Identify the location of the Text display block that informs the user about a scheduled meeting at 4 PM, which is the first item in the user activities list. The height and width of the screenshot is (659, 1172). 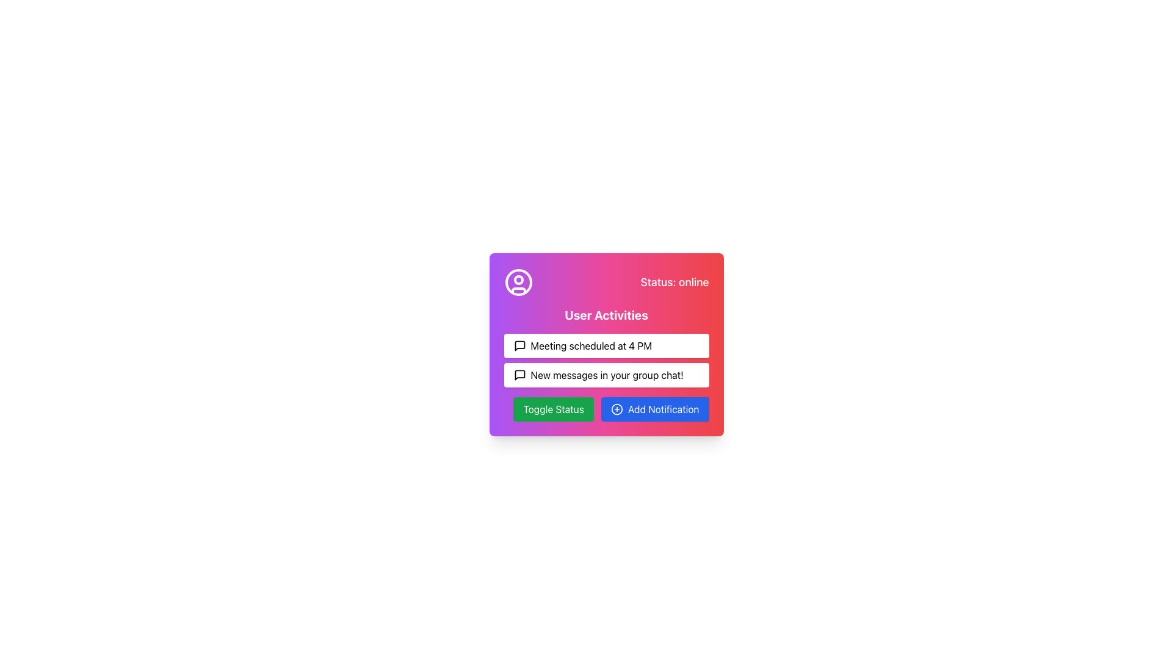
(606, 346).